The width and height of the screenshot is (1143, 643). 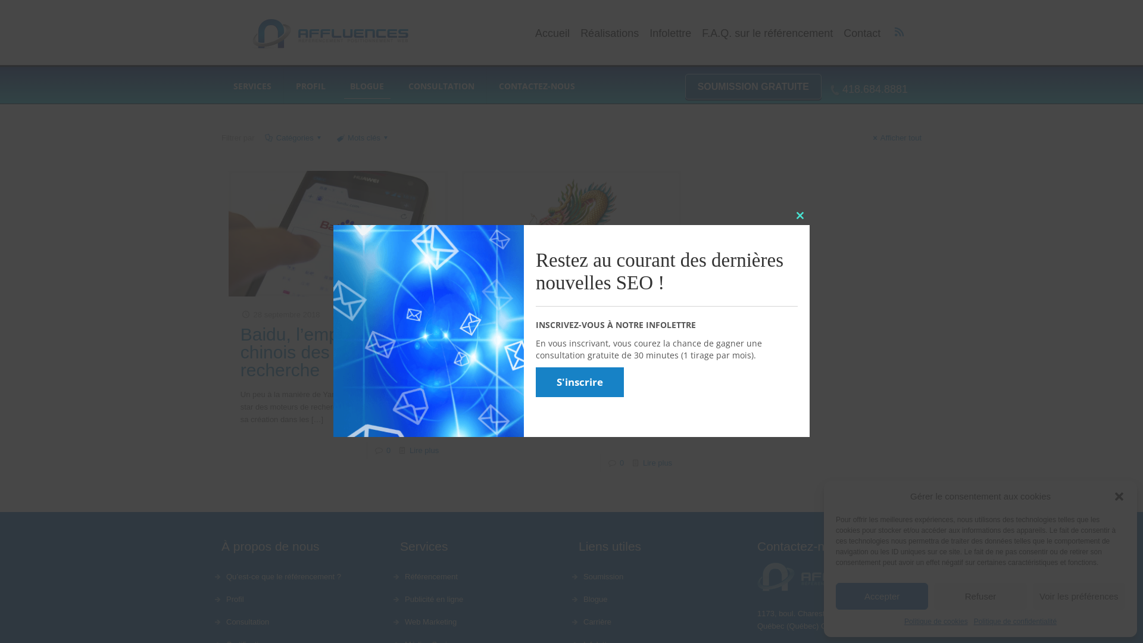 What do you see at coordinates (551, 33) in the screenshot?
I see `'Accueil'` at bounding box center [551, 33].